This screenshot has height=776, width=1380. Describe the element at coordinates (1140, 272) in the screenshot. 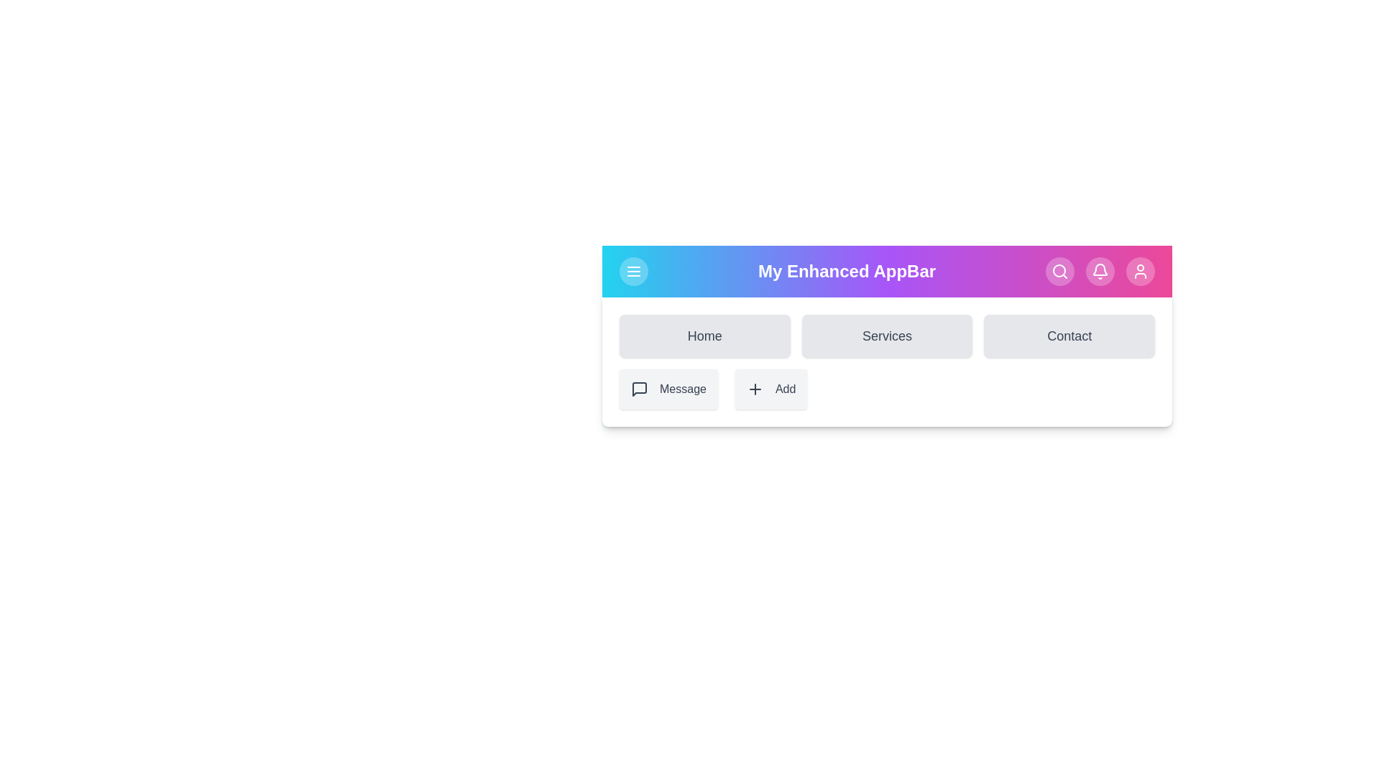

I see `the toolbar icon Profile to perform its associated action` at that location.